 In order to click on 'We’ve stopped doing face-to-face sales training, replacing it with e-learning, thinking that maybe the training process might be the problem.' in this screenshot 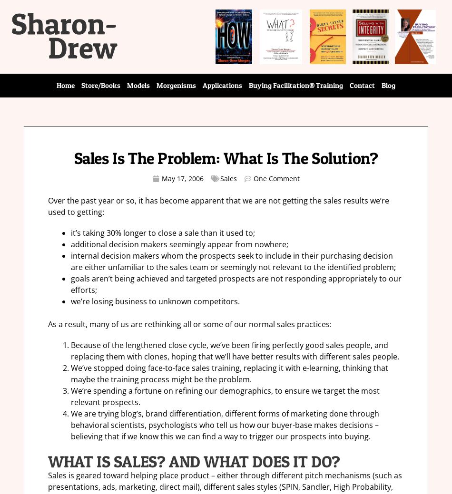, I will do `click(229, 373)`.